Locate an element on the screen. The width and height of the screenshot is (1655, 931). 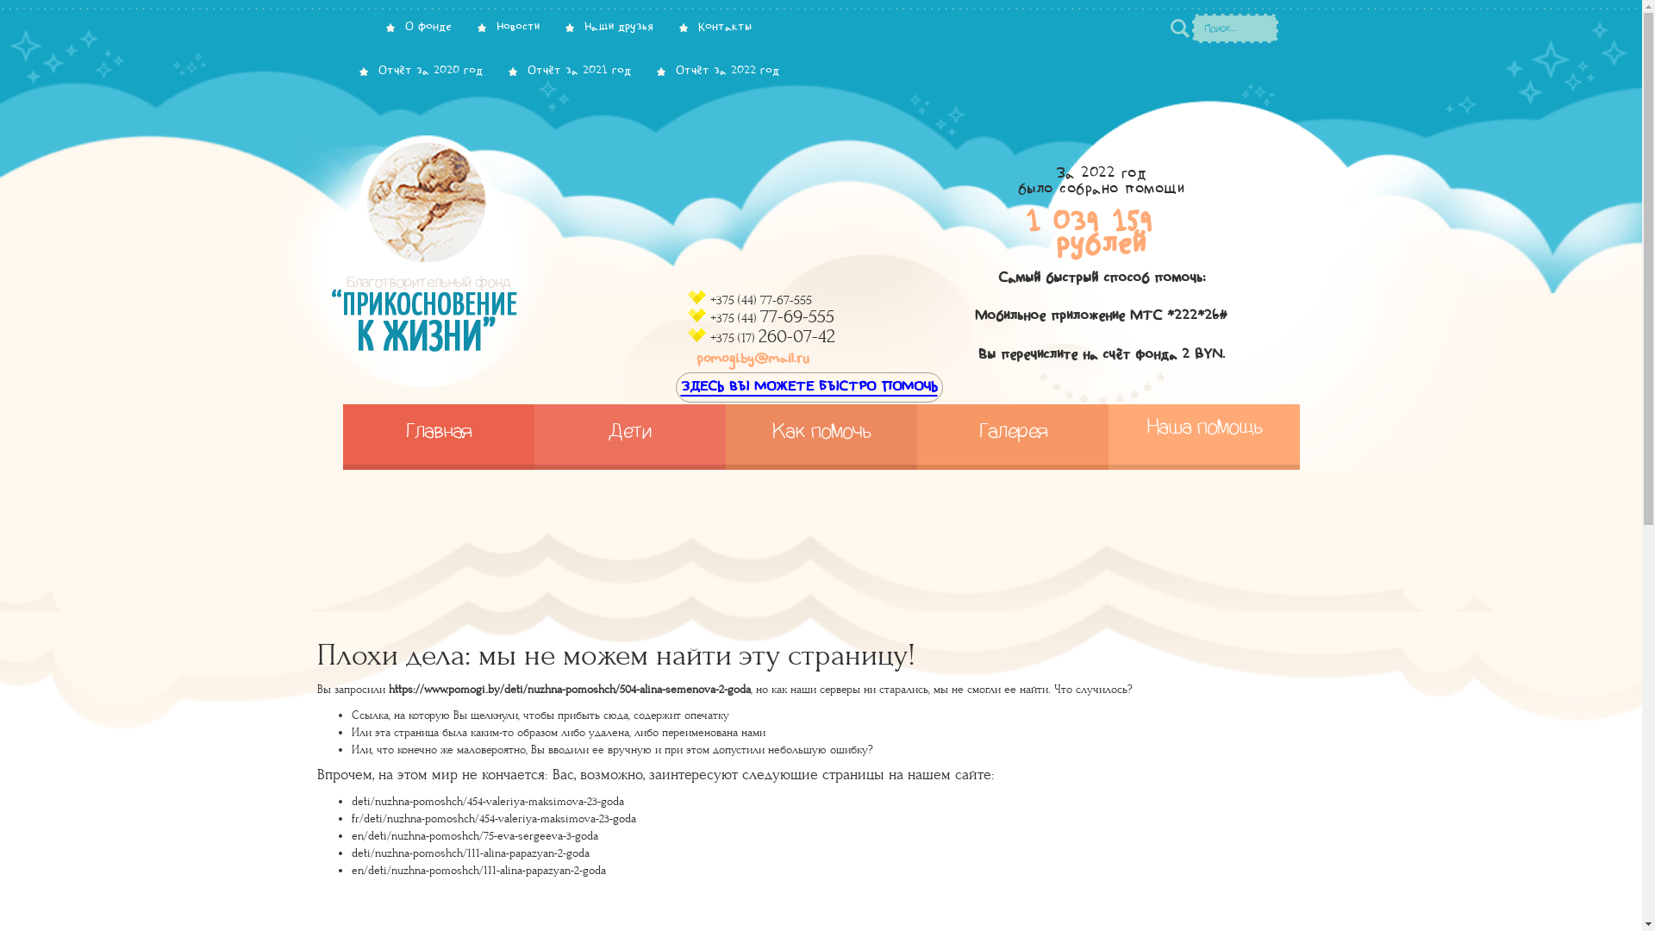
'en/deti/nuzhna-pomoshch/75-eva-sergeeva-3-goda' is located at coordinates (351, 834).